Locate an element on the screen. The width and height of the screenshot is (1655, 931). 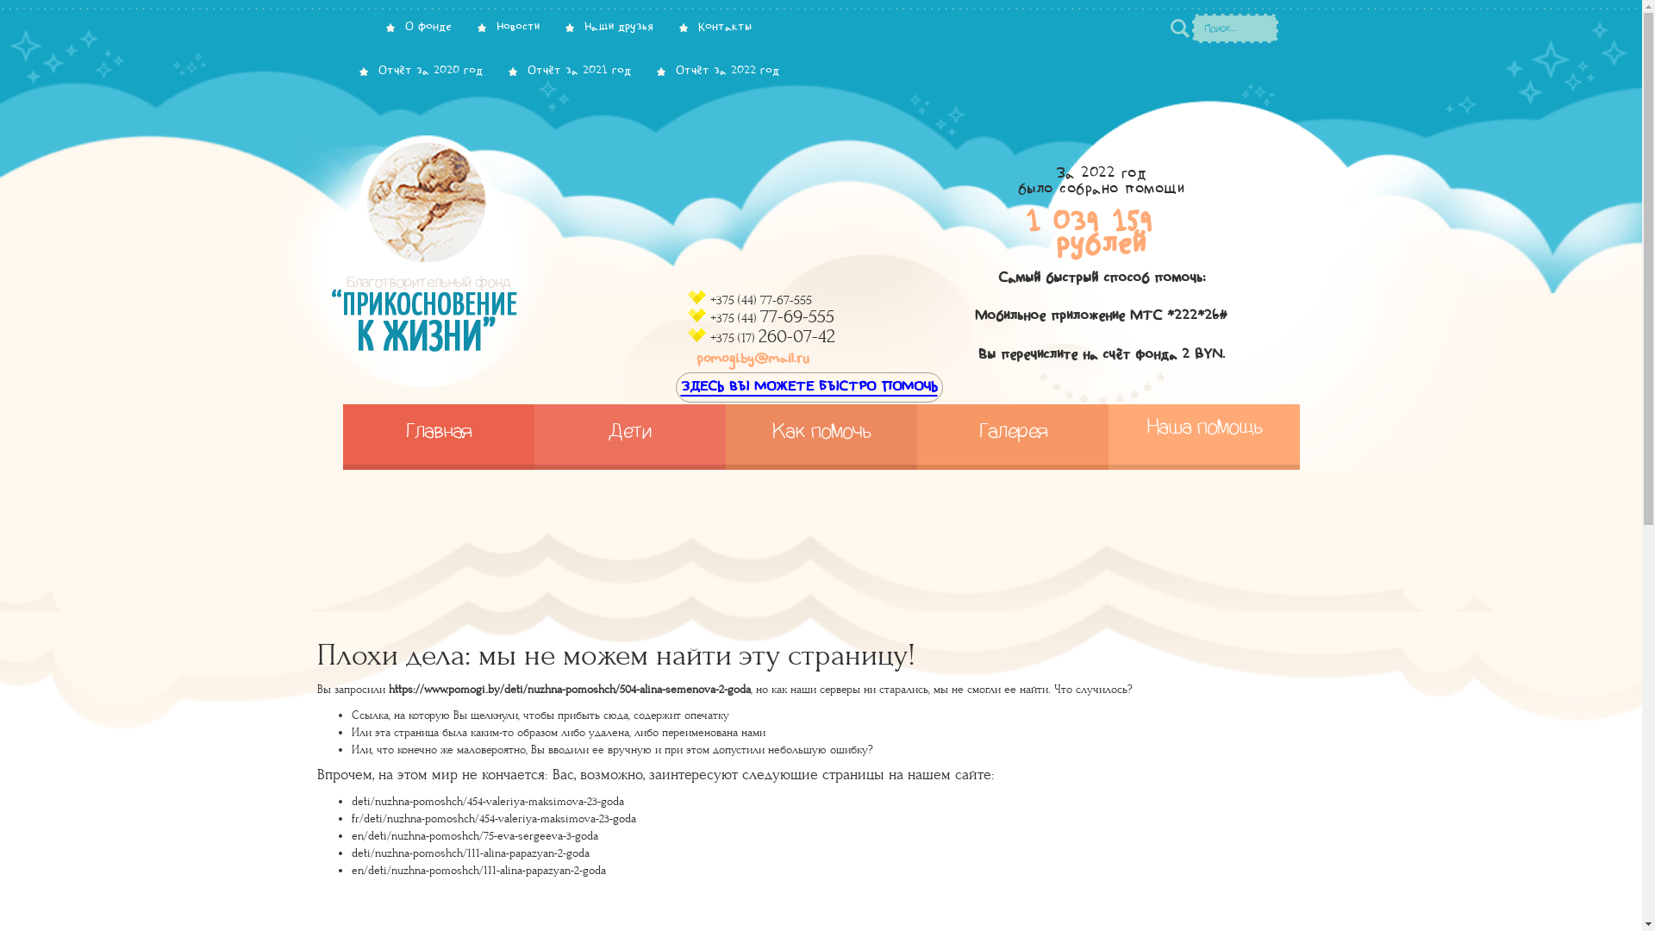
'en/deti/nuzhna-pomoshch/75-eva-sergeeva-3-goda' is located at coordinates (351, 834).